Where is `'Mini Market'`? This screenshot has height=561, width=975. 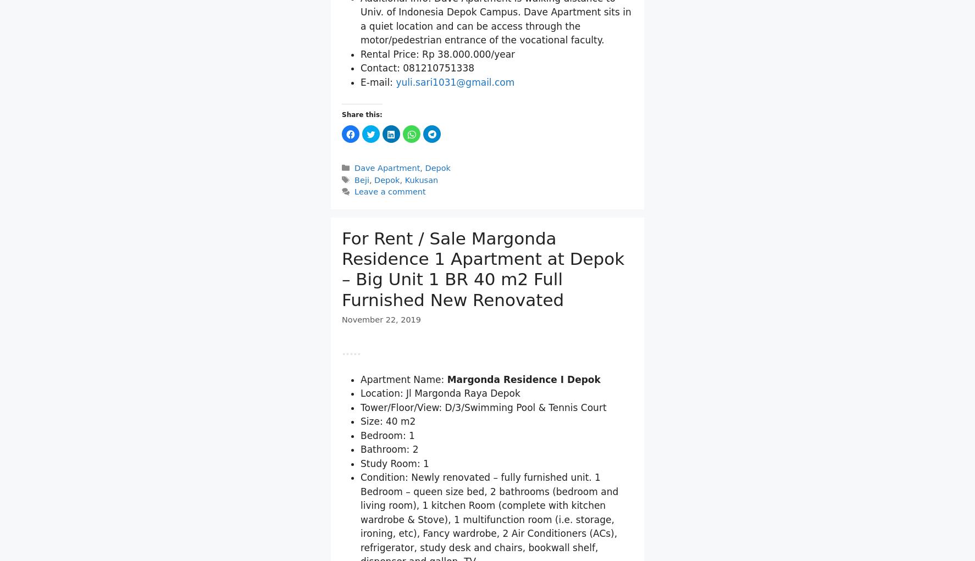
'Mini Market' is located at coordinates (406, 55).